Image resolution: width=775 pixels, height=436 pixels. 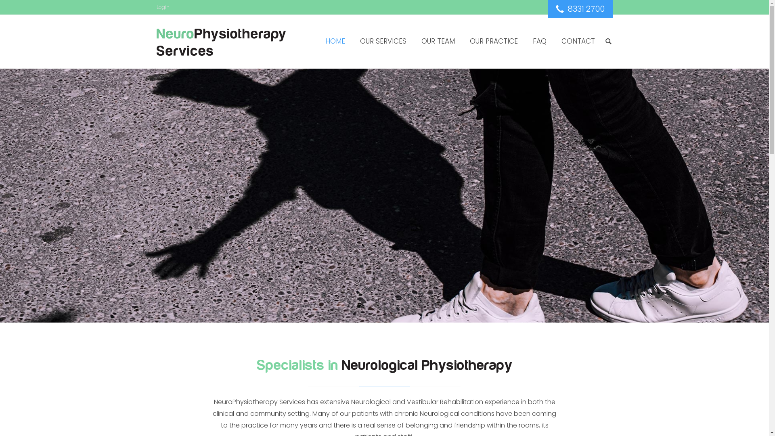 What do you see at coordinates (438, 41) in the screenshot?
I see `'OUR TEAM'` at bounding box center [438, 41].